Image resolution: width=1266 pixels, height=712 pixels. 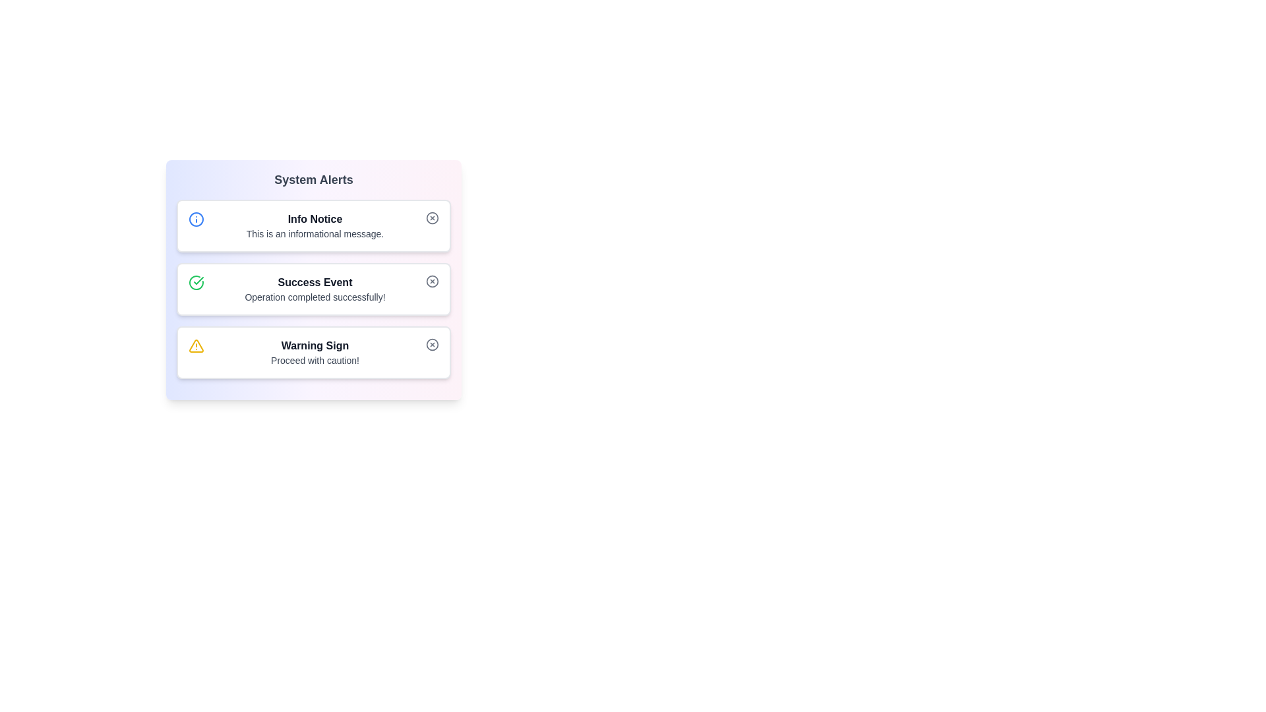 What do you see at coordinates (195, 282) in the screenshot?
I see `the alert icon of type success` at bounding box center [195, 282].